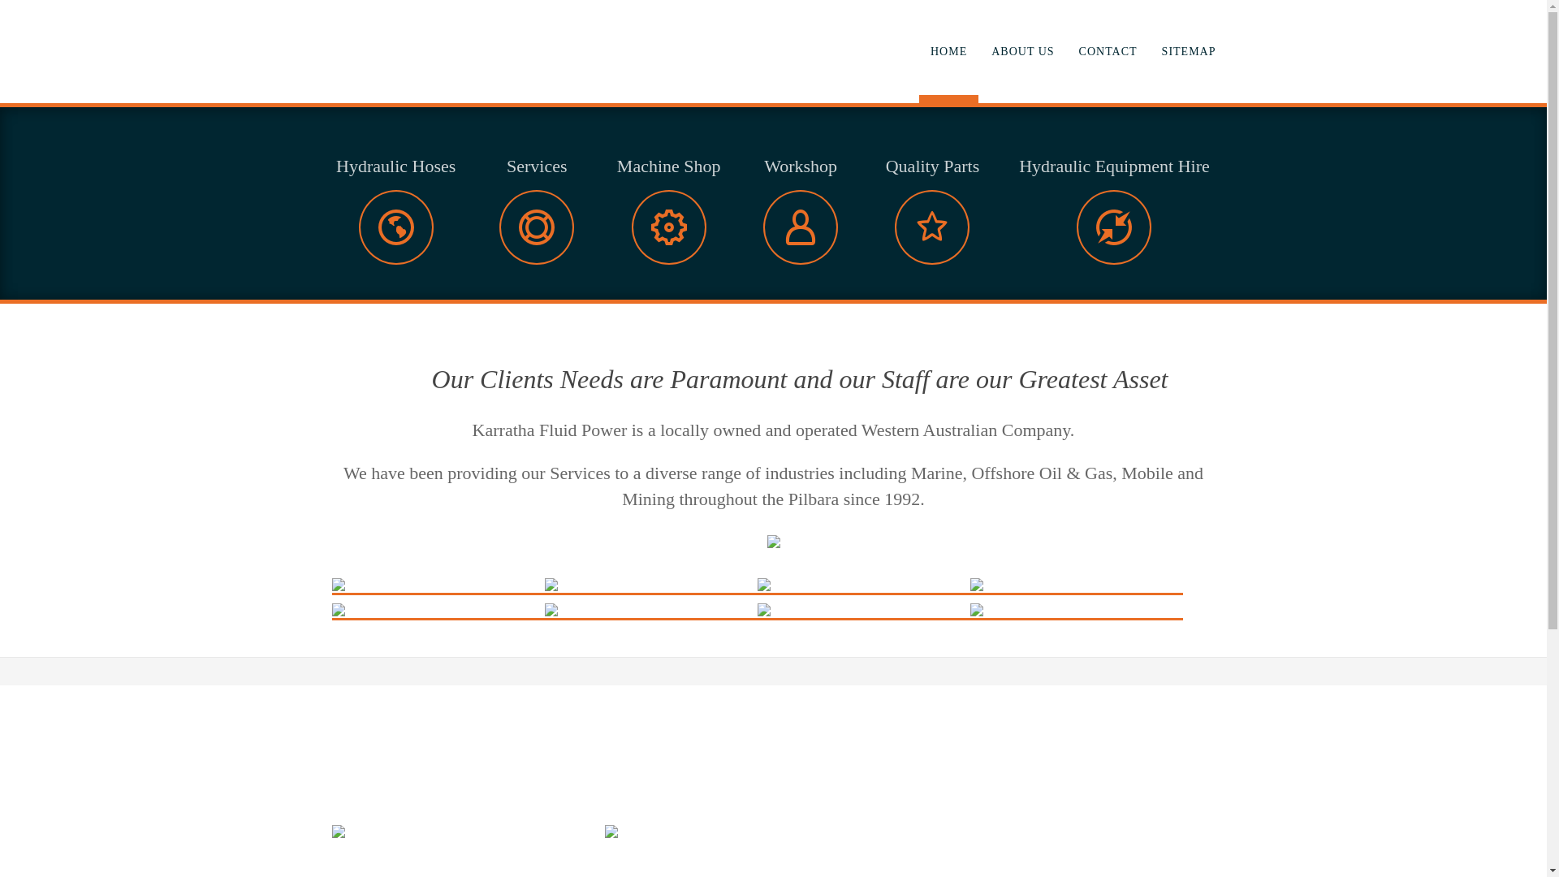 This screenshot has height=877, width=1559. Describe the element at coordinates (948, 50) in the screenshot. I see `'HOME'` at that location.